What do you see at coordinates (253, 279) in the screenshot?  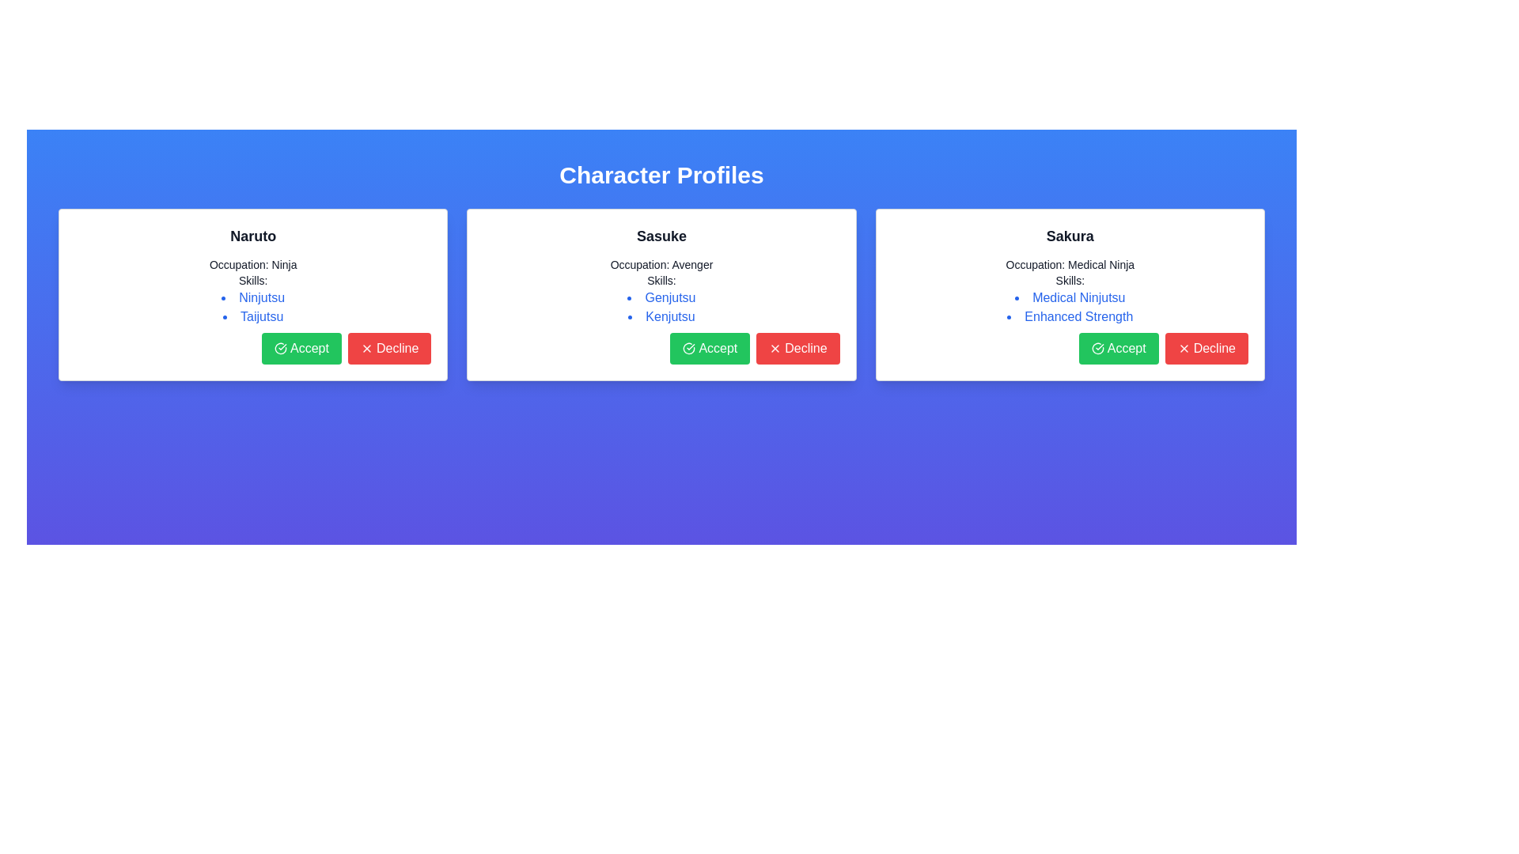 I see `the Text label indicating the list of skills, which is located beneath the 'Occupation: Ninja' text and above the bullet list of skills` at bounding box center [253, 279].